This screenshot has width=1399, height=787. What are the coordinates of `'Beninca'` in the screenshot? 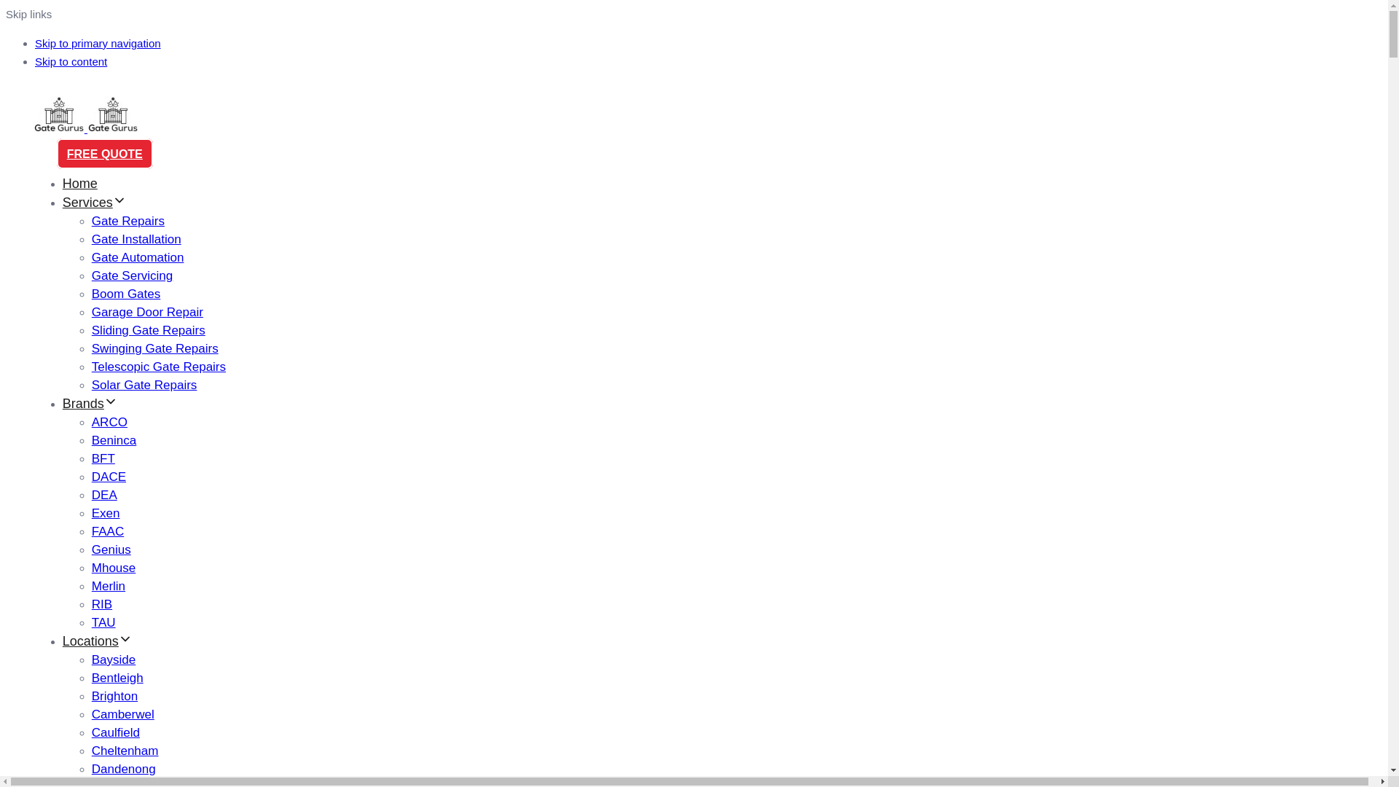 It's located at (90, 439).